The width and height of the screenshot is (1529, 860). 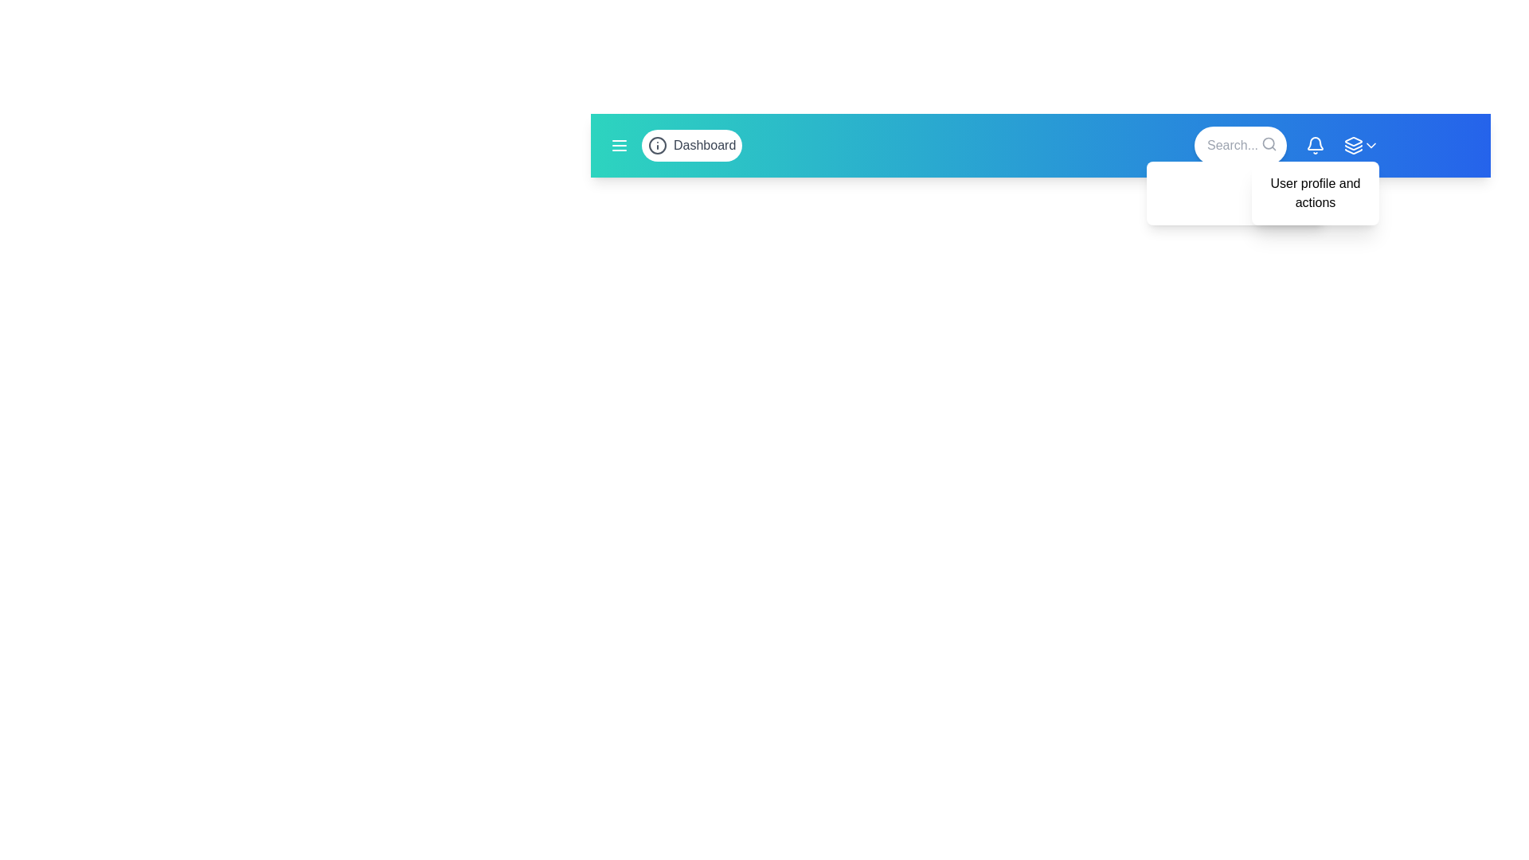 What do you see at coordinates (1240, 145) in the screenshot?
I see `the embedded icon in the text input field located at the top-right section of the interface, adjacent to notification and profile elements` at bounding box center [1240, 145].